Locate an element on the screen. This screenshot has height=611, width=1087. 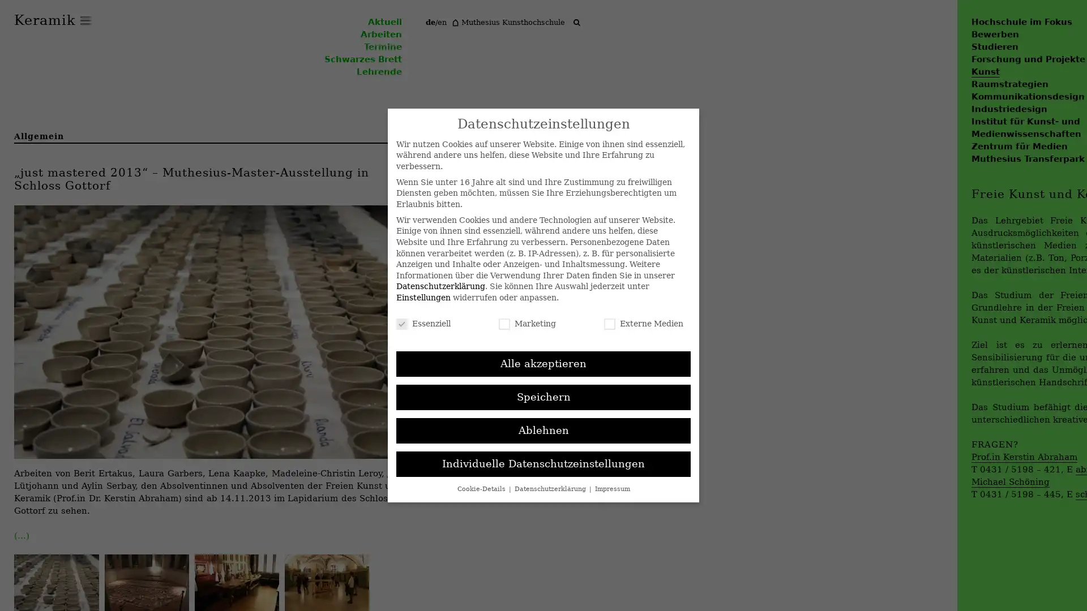
Speichern is located at coordinates (543, 397).